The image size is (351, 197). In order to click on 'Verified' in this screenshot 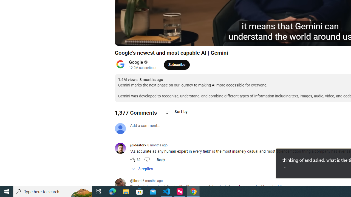, I will do `click(145, 62)`.